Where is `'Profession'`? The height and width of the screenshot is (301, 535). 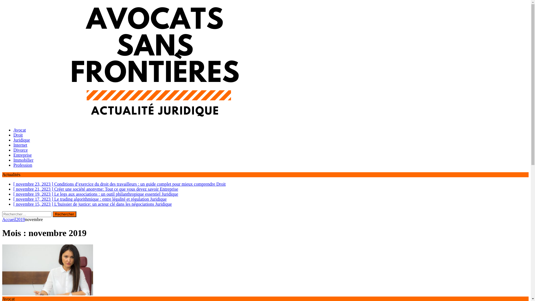
'Profession' is located at coordinates (22, 165).